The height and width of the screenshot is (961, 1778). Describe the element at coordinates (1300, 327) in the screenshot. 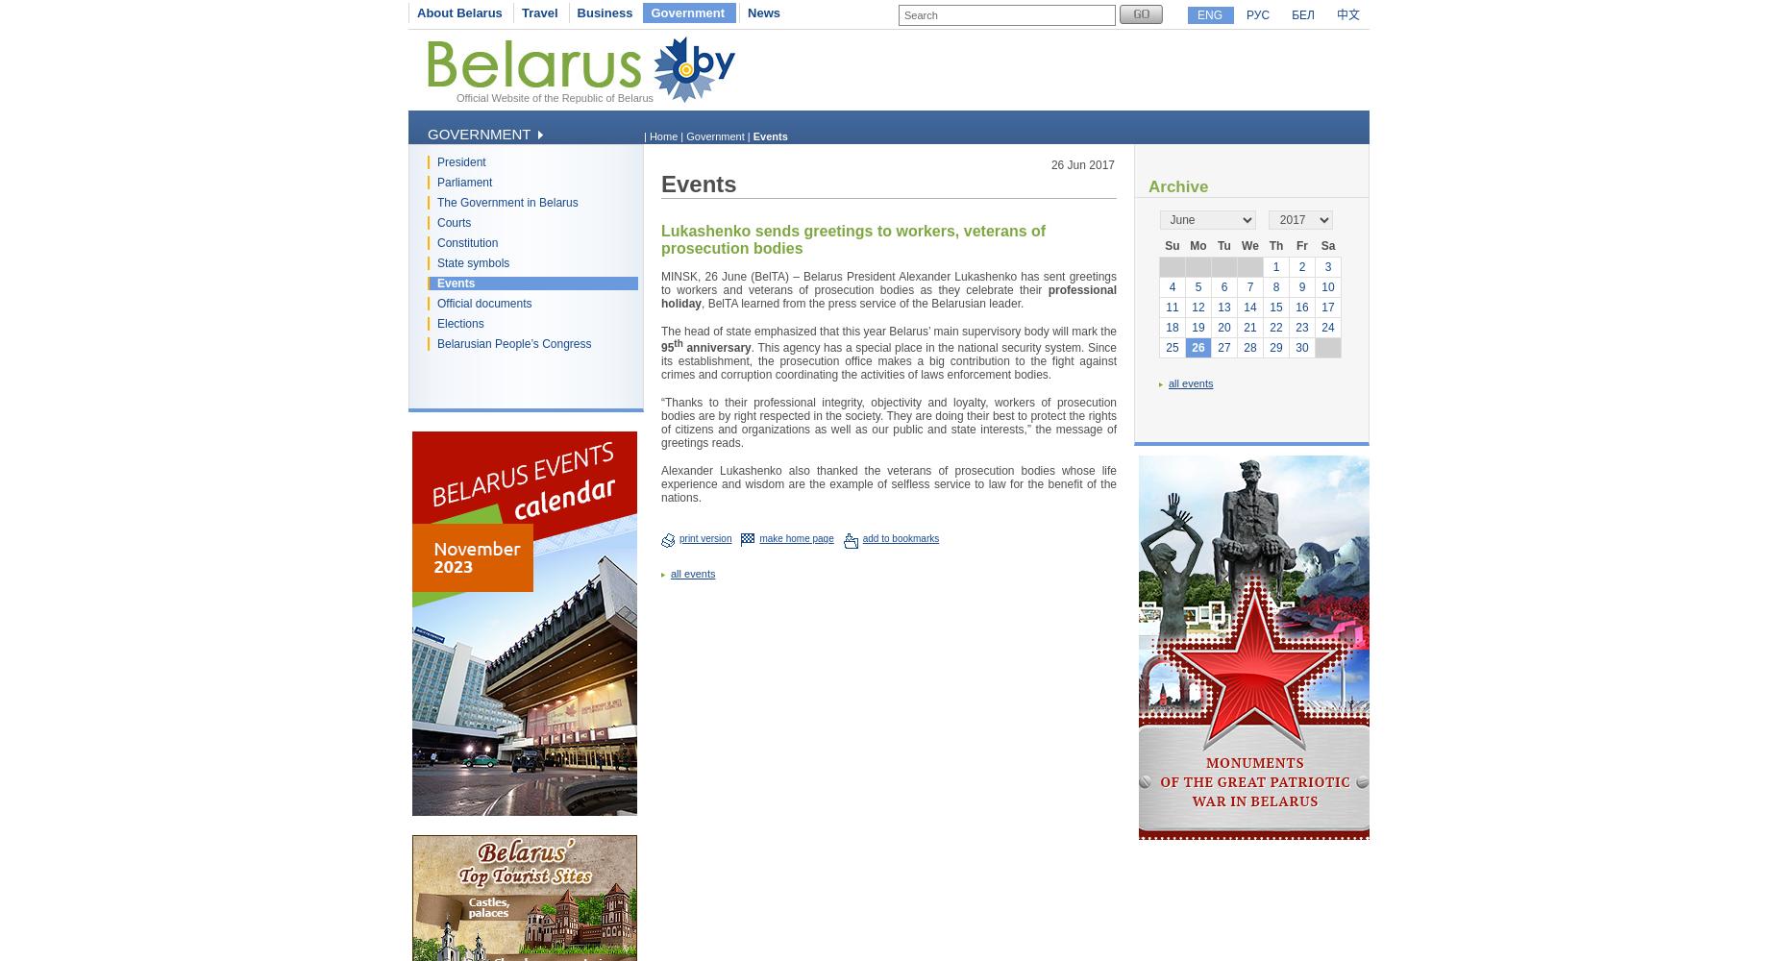

I see `'23'` at that location.